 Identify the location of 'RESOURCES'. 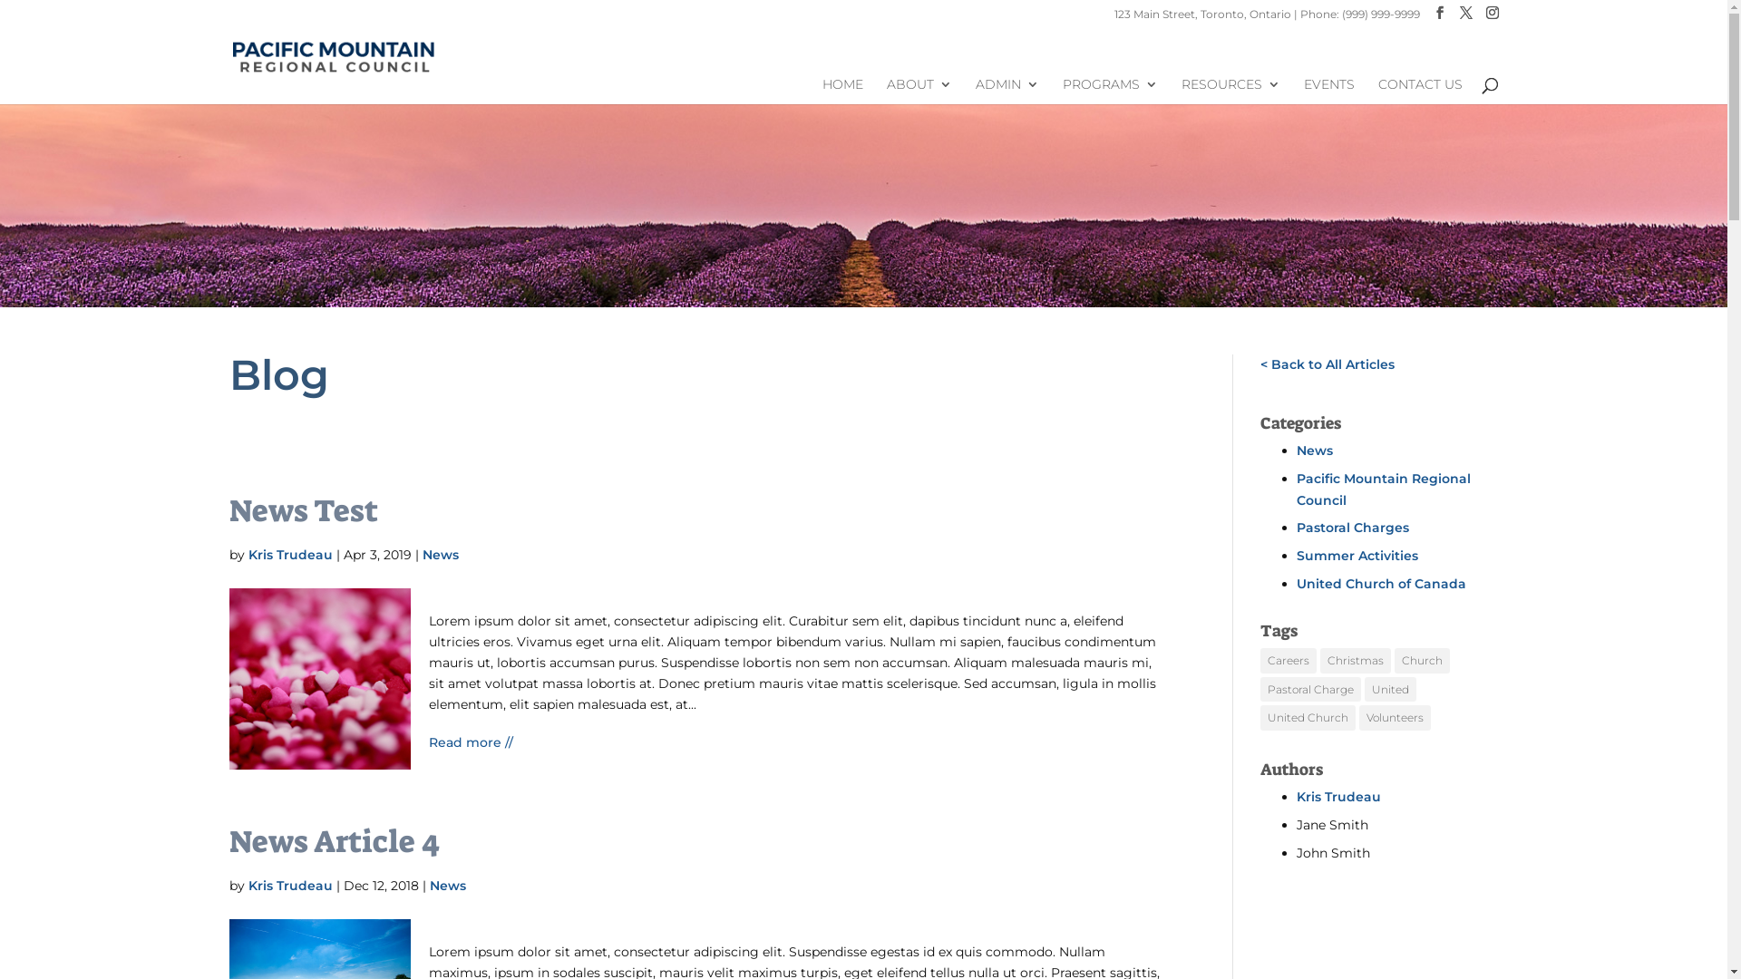
(1230, 91).